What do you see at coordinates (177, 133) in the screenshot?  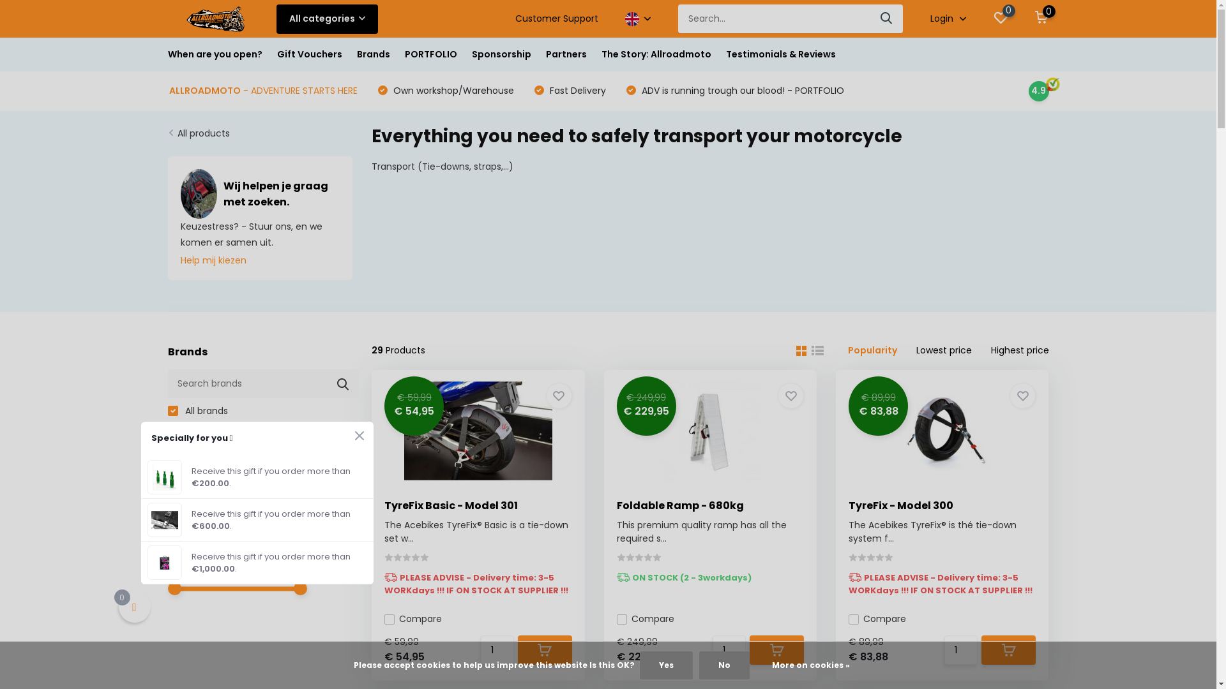 I see `'All products'` at bounding box center [177, 133].